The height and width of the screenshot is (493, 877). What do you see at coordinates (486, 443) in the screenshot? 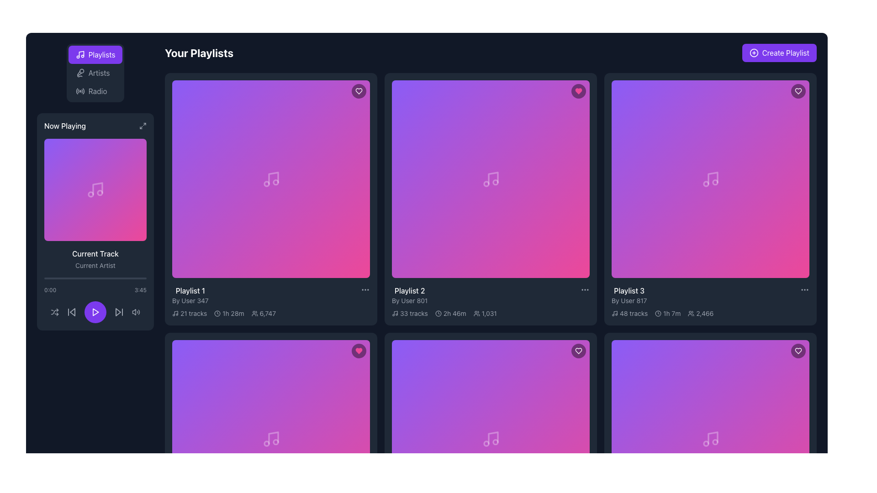
I see `the small circle within the musical note icon, which is the second circle in the second playlist card of the second row` at bounding box center [486, 443].